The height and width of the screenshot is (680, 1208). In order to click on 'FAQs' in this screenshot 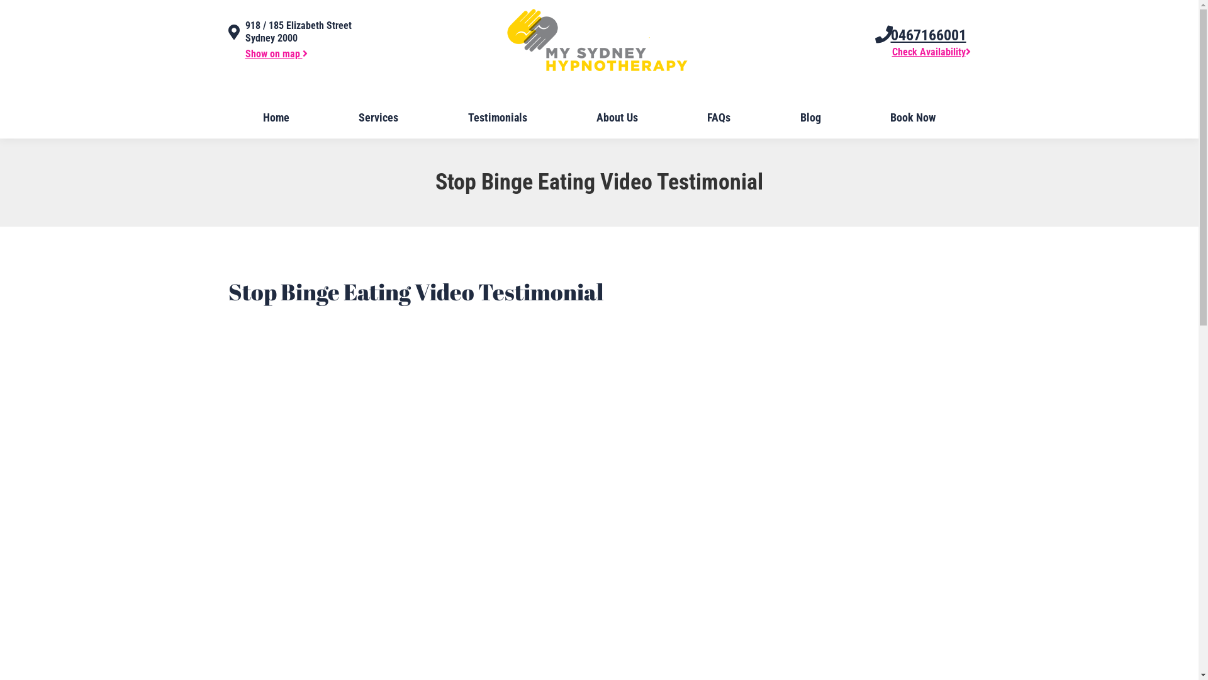, I will do `click(673, 117)`.